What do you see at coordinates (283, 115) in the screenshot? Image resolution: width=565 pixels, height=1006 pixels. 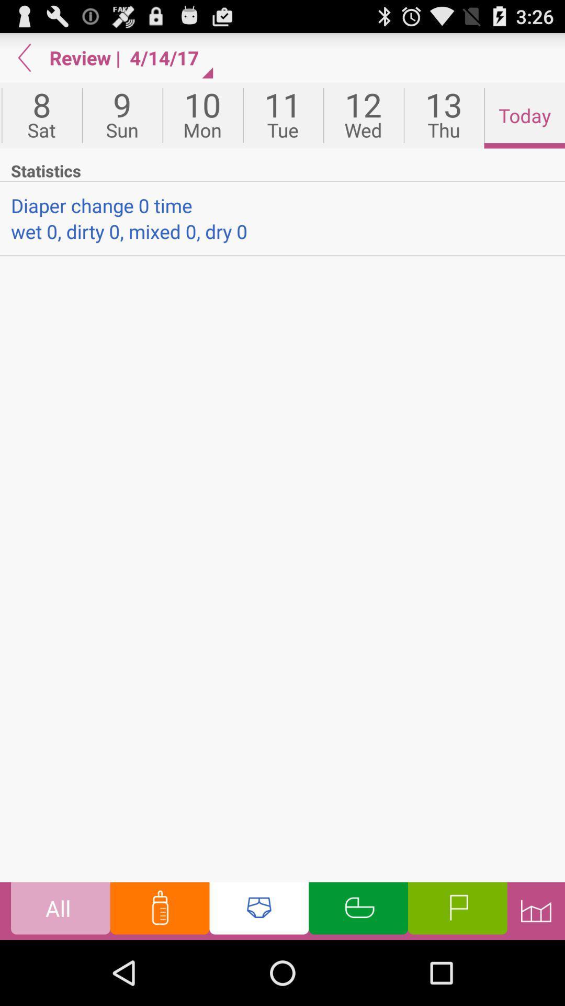 I see `item next to the 10 icon` at bounding box center [283, 115].